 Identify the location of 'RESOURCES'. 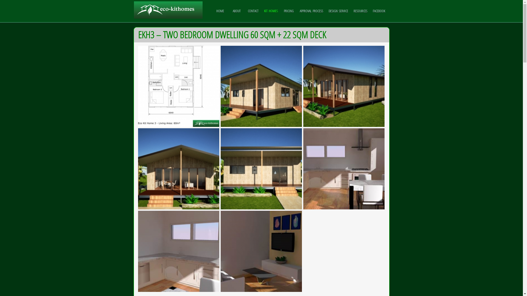
(360, 11).